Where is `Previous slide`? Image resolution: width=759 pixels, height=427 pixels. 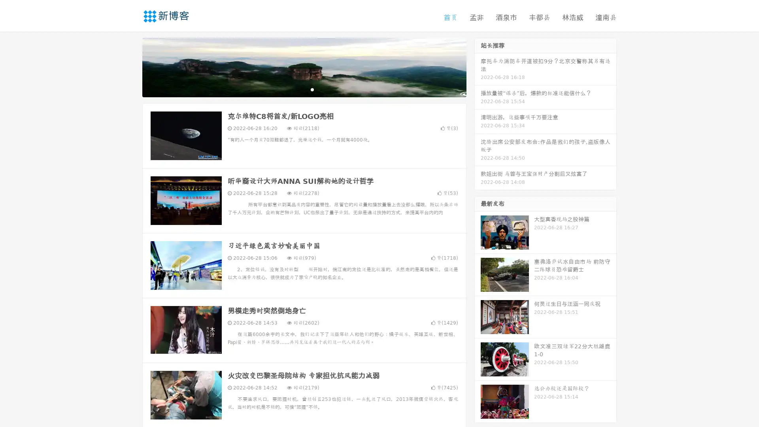 Previous slide is located at coordinates (130, 66).